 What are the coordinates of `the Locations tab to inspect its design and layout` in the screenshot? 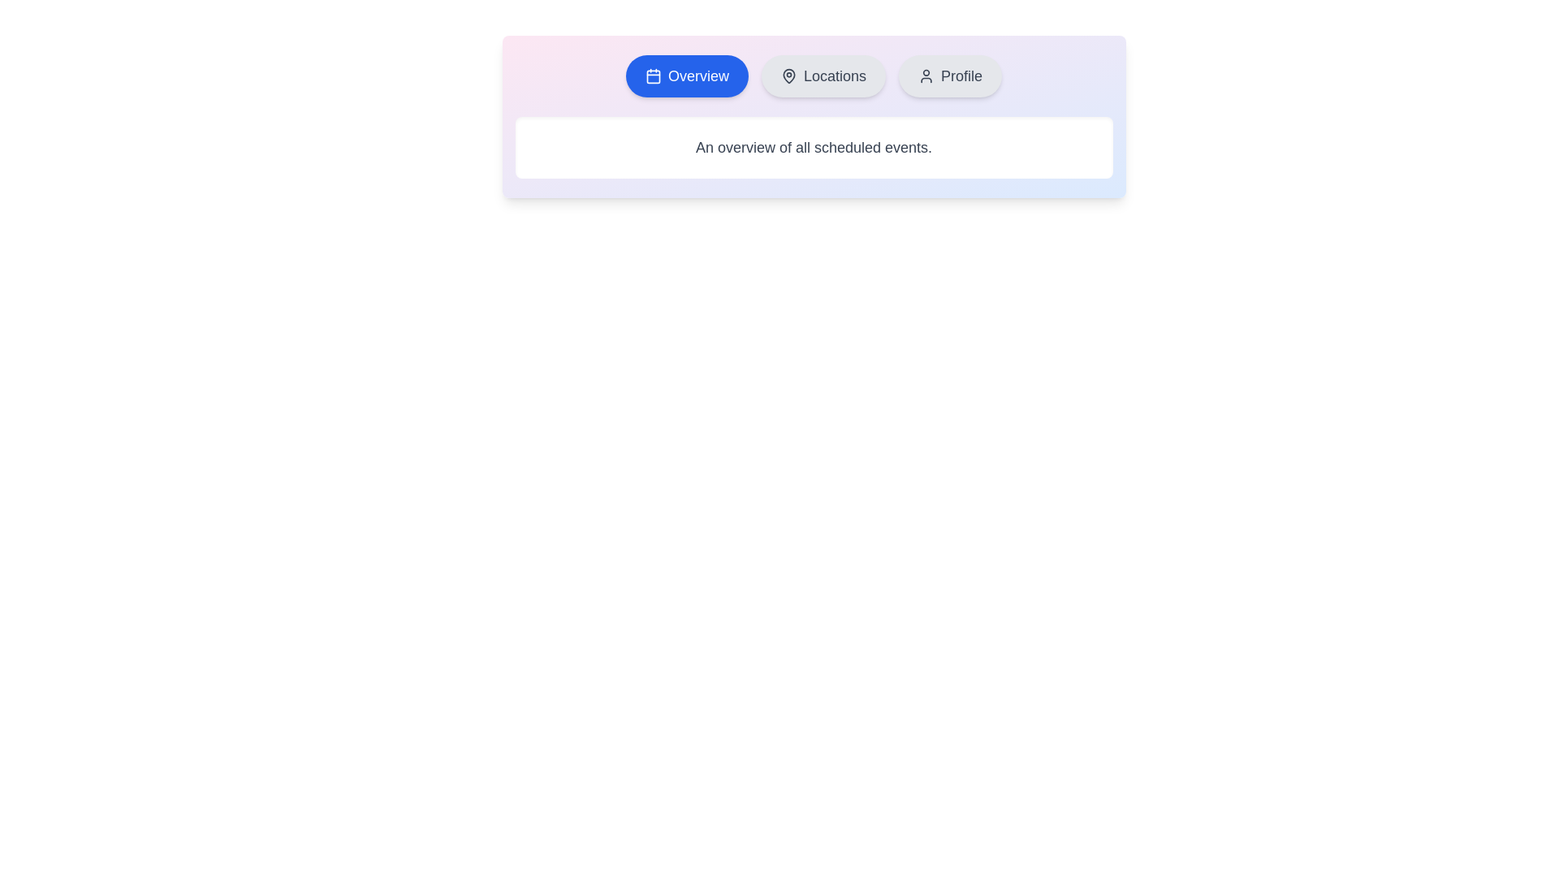 It's located at (823, 76).